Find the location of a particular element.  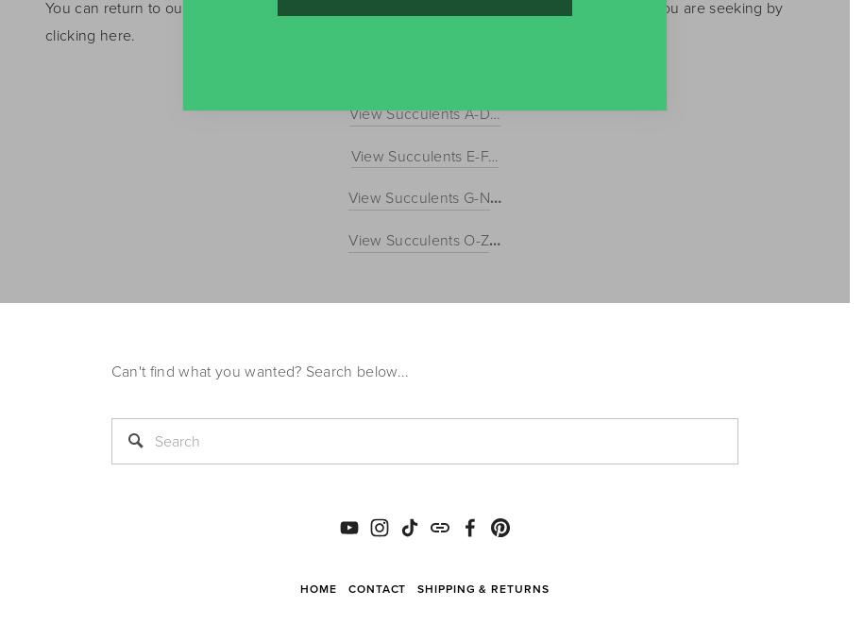

'View Succulents O-Z' is located at coordinates (347, 240).